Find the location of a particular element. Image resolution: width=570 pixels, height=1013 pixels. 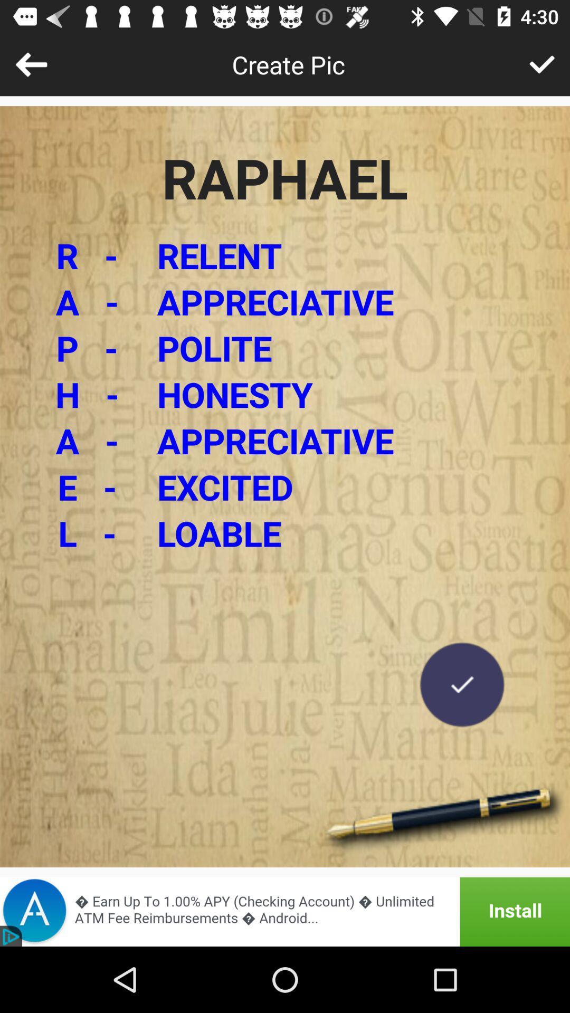

the check icon is located at coordinates (542, 64).